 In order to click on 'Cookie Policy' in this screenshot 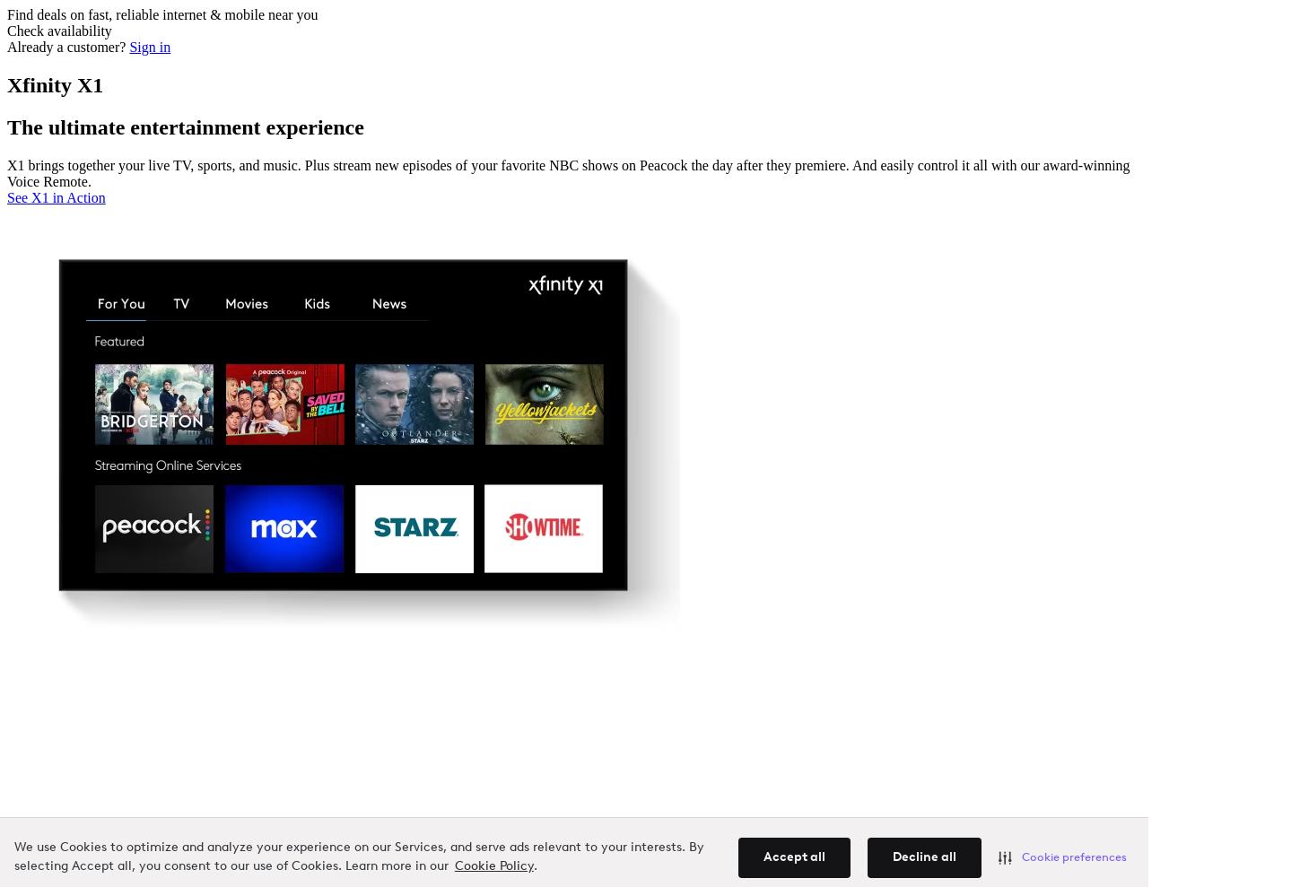, I will do `click(453, 866)`.